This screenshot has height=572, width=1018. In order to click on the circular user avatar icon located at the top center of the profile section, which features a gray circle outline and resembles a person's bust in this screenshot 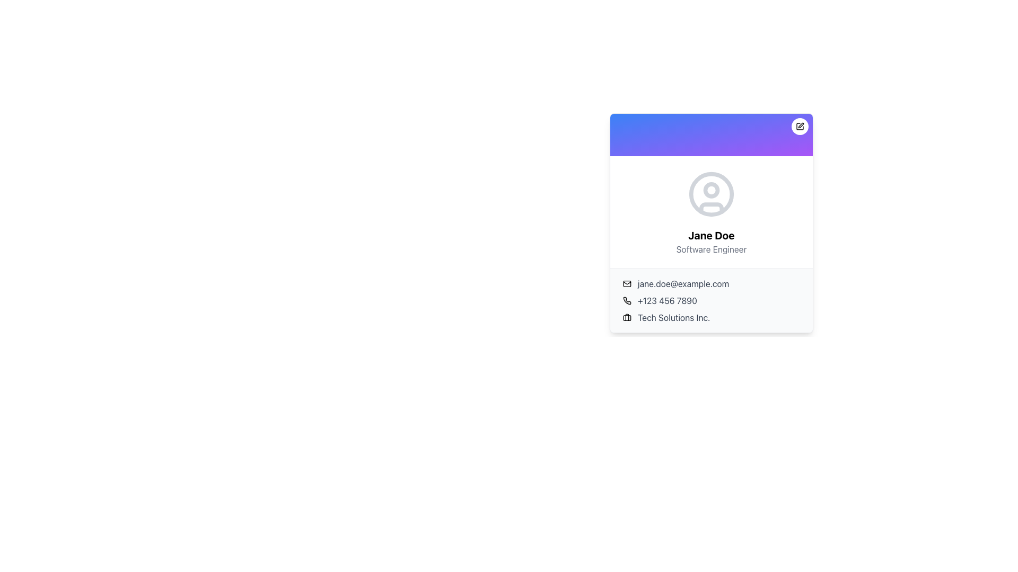, I will do `click(712, 194)`.